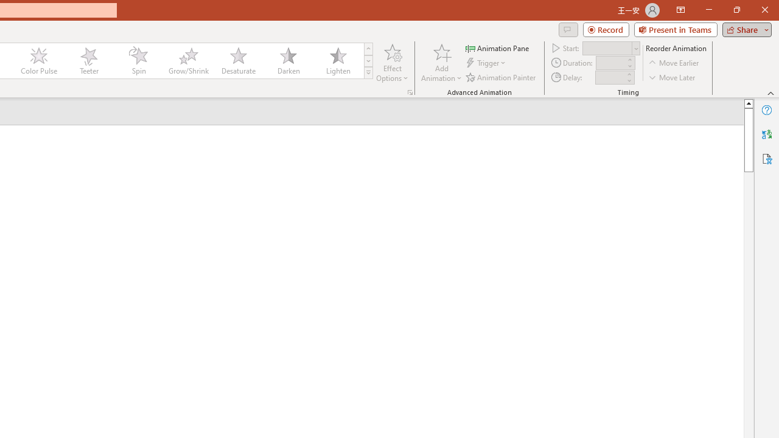 The height and width of the screenshot is (438, 779). I want to click on 'Darken', so click(287, 61).